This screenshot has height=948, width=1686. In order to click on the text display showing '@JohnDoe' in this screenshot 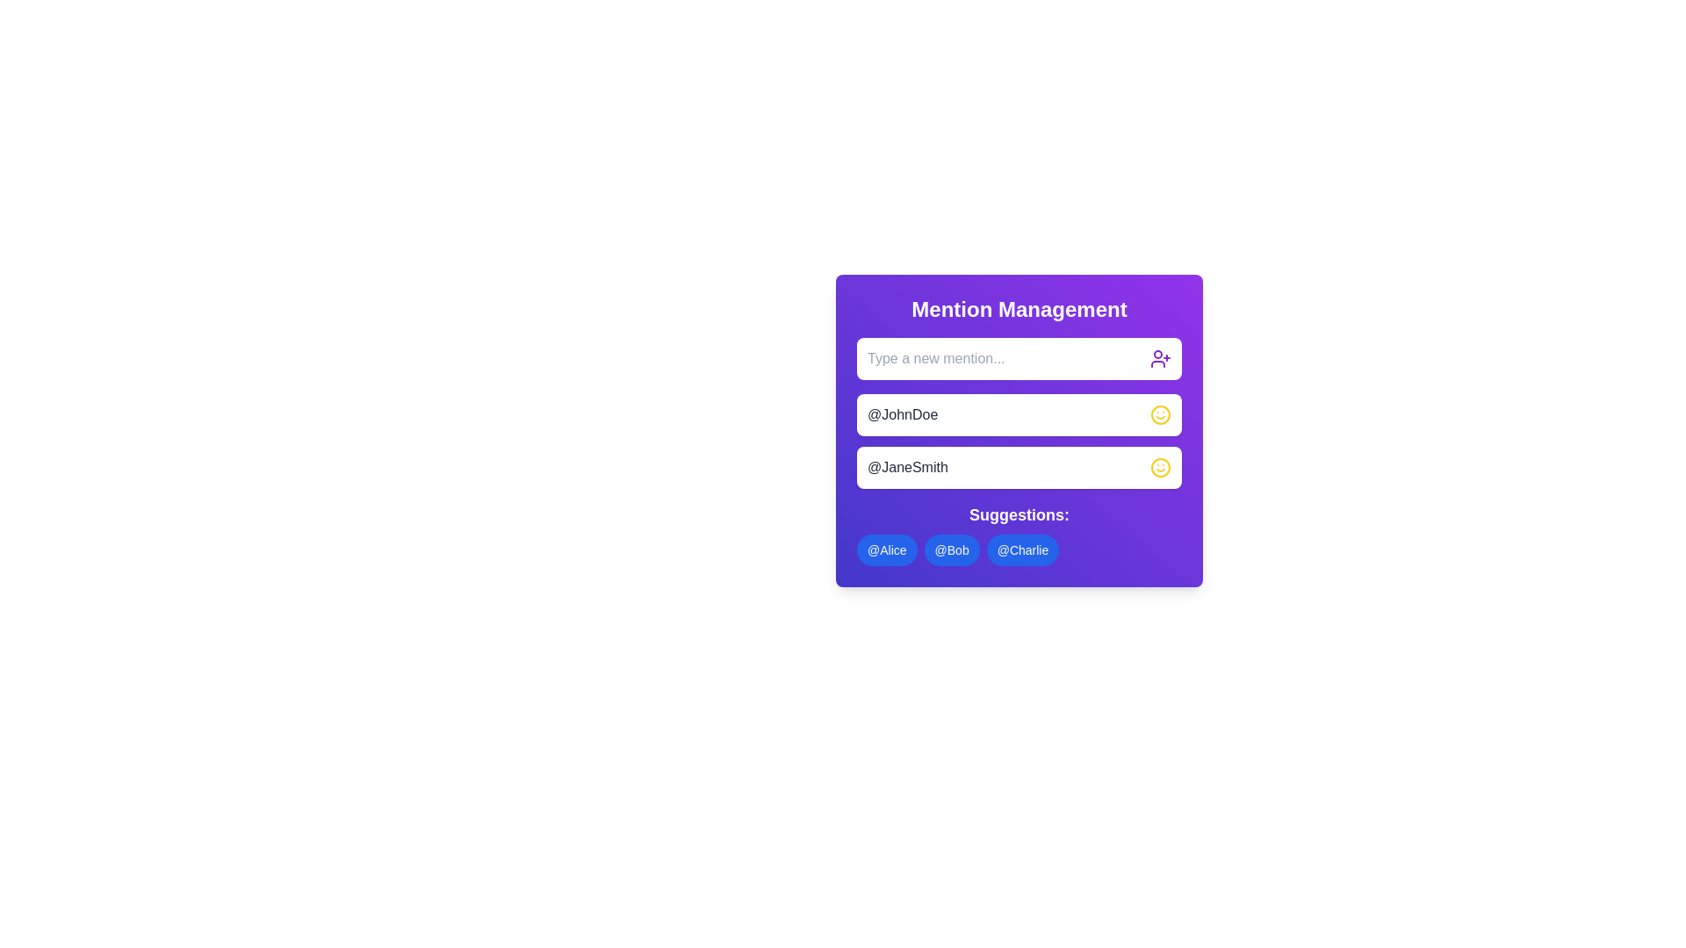, I will do `click(903, 415)`.